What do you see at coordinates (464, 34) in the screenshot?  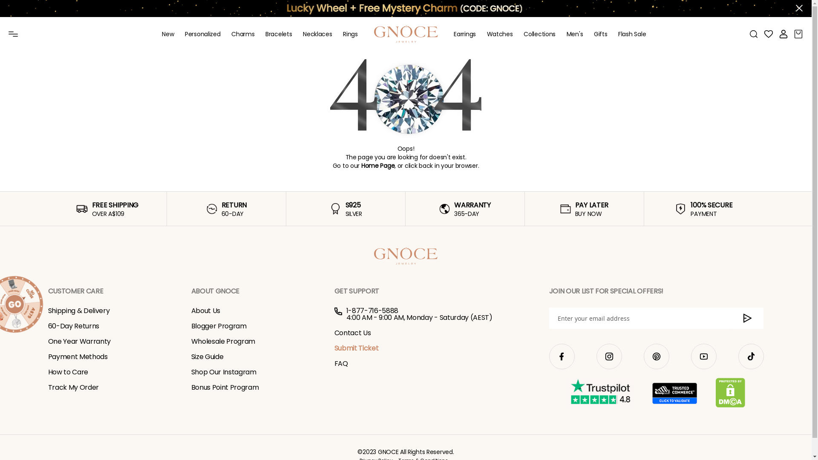 I see `'Earrings'` at bounding box center [464, 34].